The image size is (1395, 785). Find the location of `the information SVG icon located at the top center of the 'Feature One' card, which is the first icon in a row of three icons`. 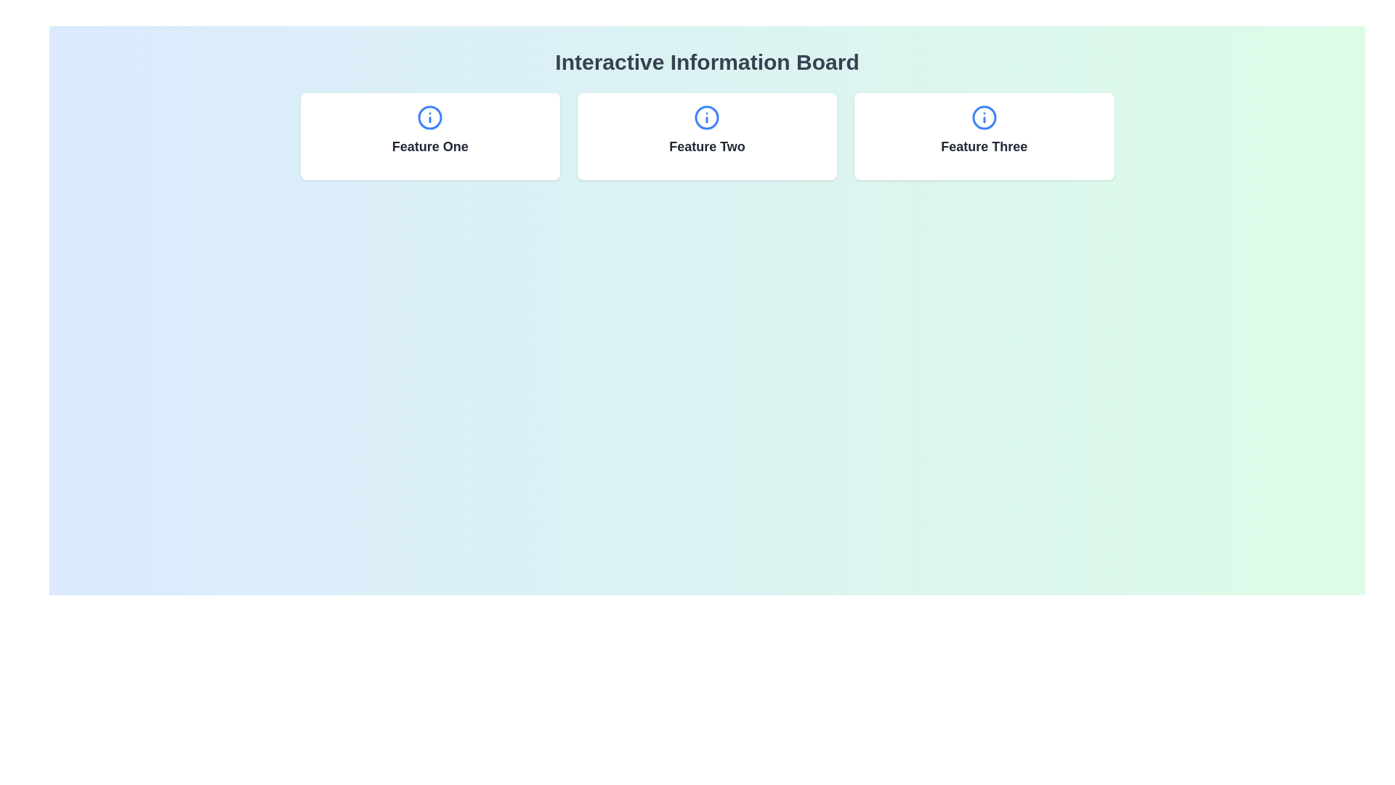

the information SVG icon located at the top center of the 'Feature One' card, which is the first icon in a row of three icons is located at coordinates (429, 117).